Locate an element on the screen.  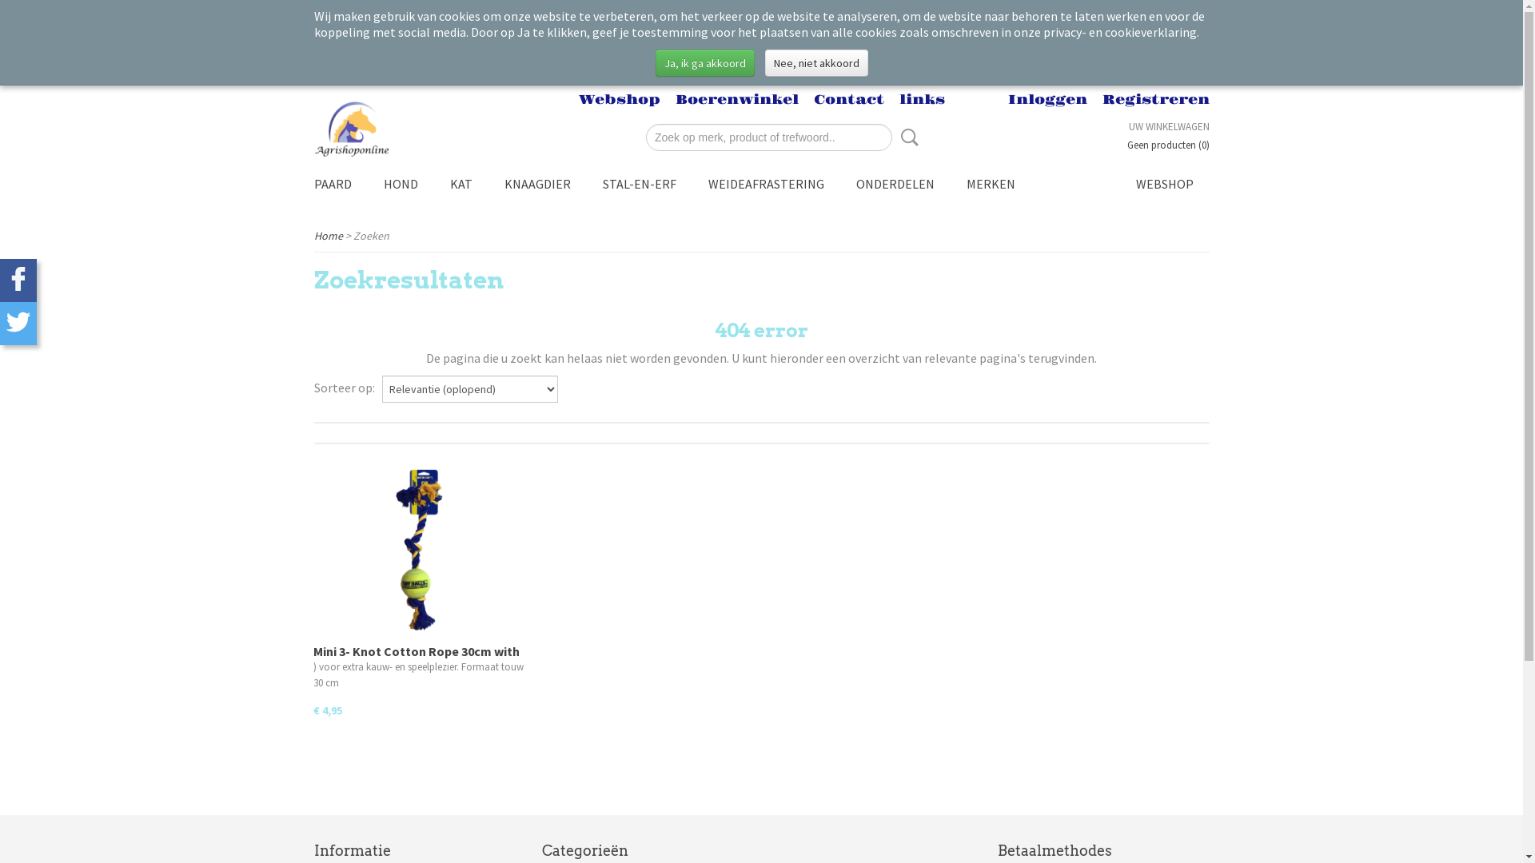
'Registreren' is located at coordinates (1100, 99).